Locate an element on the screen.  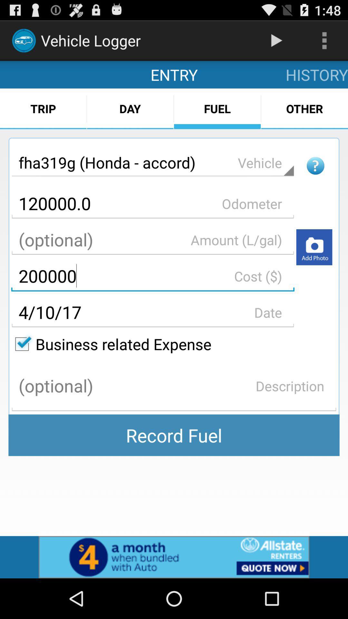
camera is located at coordinates (314, 247).